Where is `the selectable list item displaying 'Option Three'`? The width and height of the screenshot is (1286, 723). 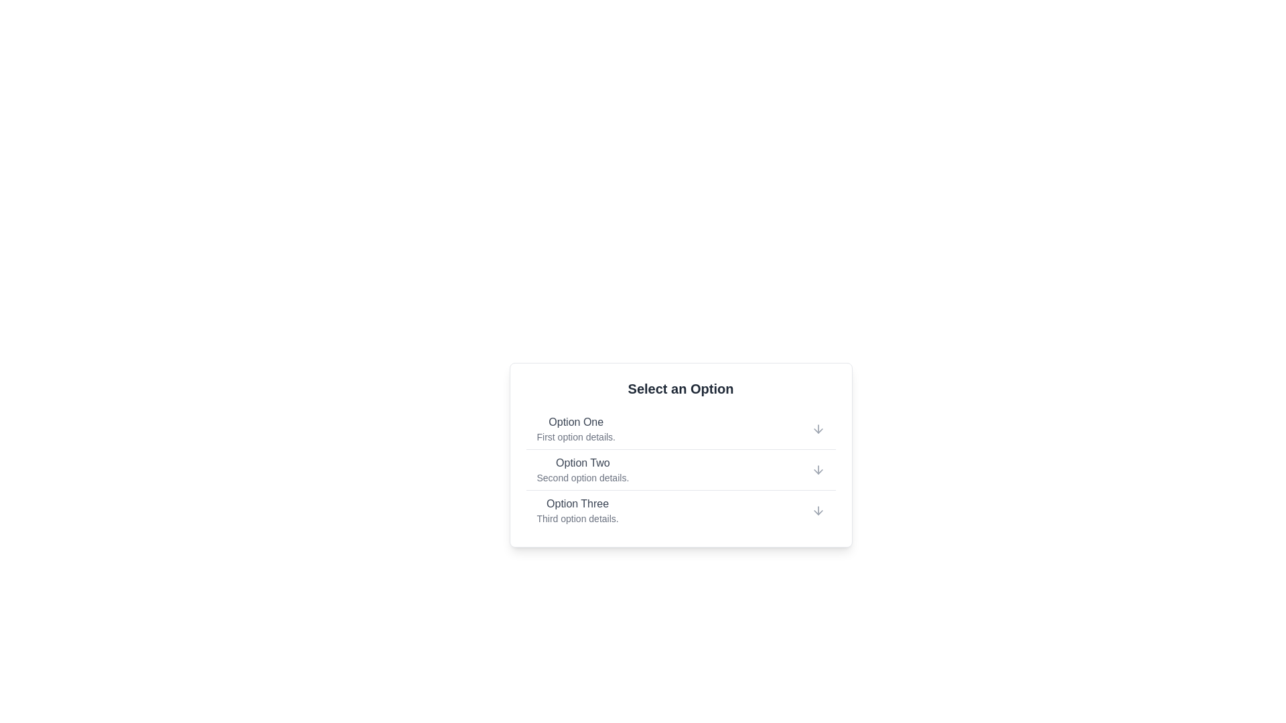 the selectable list item displaying 'Option Three' is located at coordinates (681, 508).